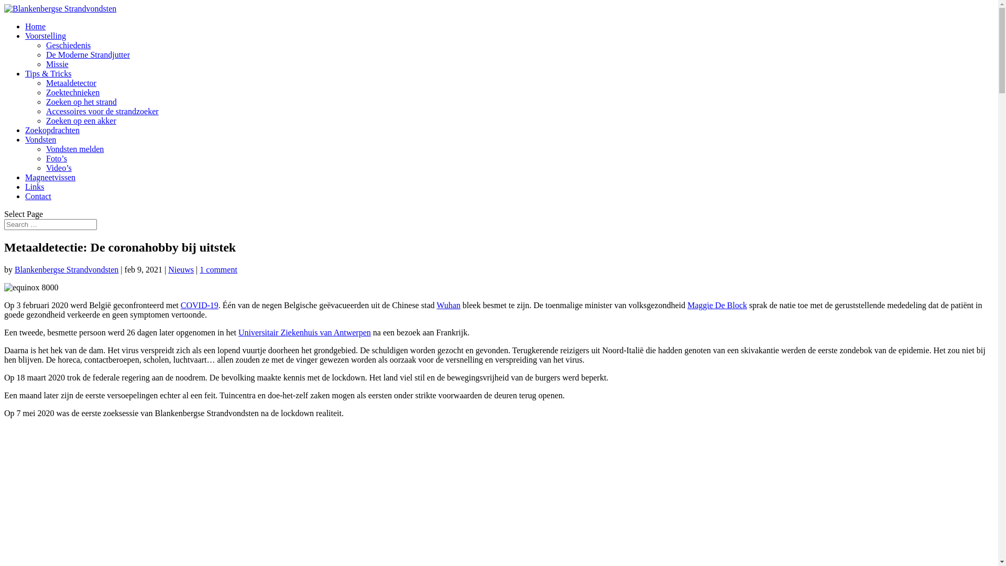 The width and height of the screenshot is (1006, 566). I want to click on 'Nieuws', so click(168, 269).